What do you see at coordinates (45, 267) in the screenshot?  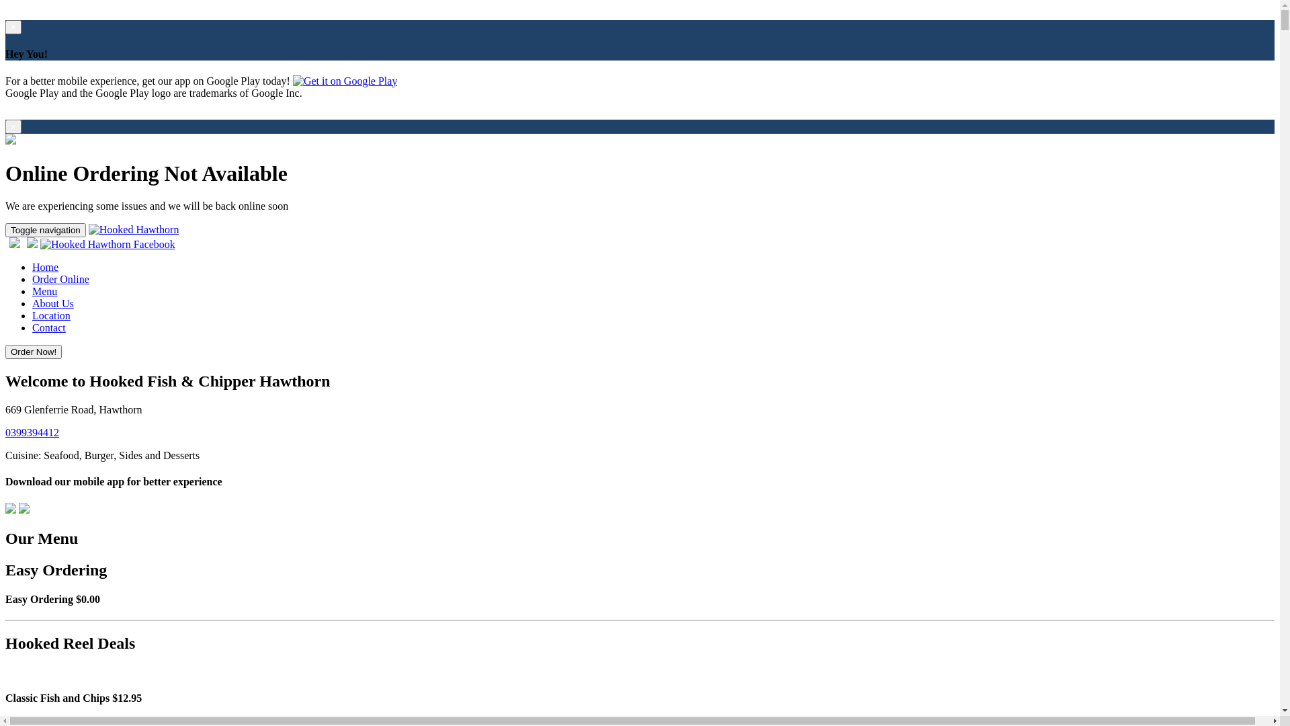 I see `'Home'` at bounding box center [45, 267].